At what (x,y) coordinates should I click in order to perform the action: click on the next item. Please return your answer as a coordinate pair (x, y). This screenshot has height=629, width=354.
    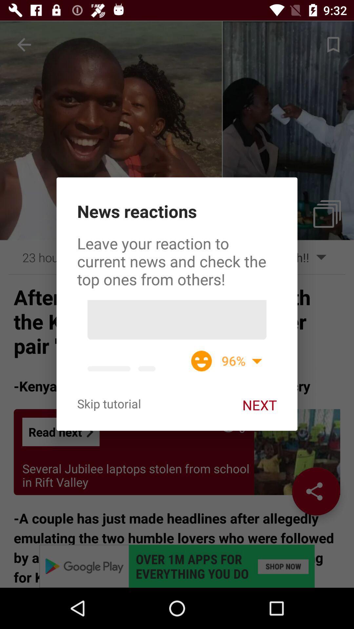
    Looking at the image, I should click on (259, 405).